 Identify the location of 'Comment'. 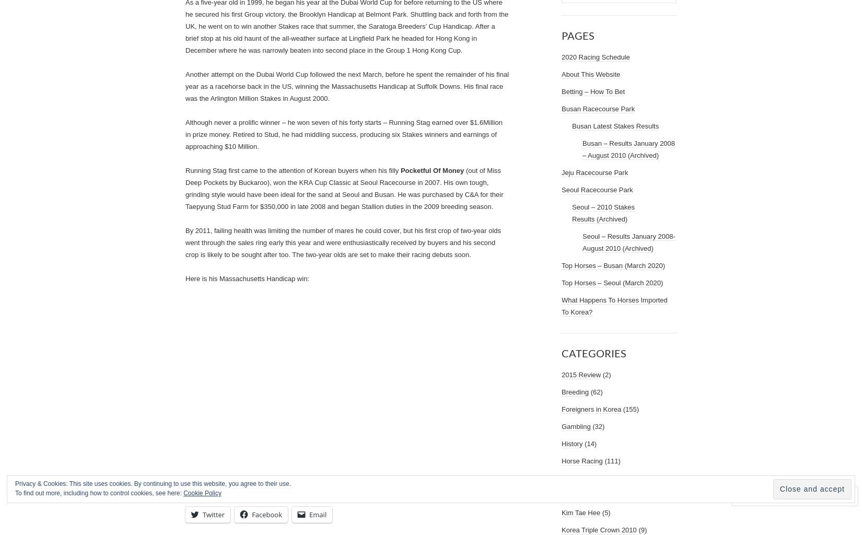
(767, 495).